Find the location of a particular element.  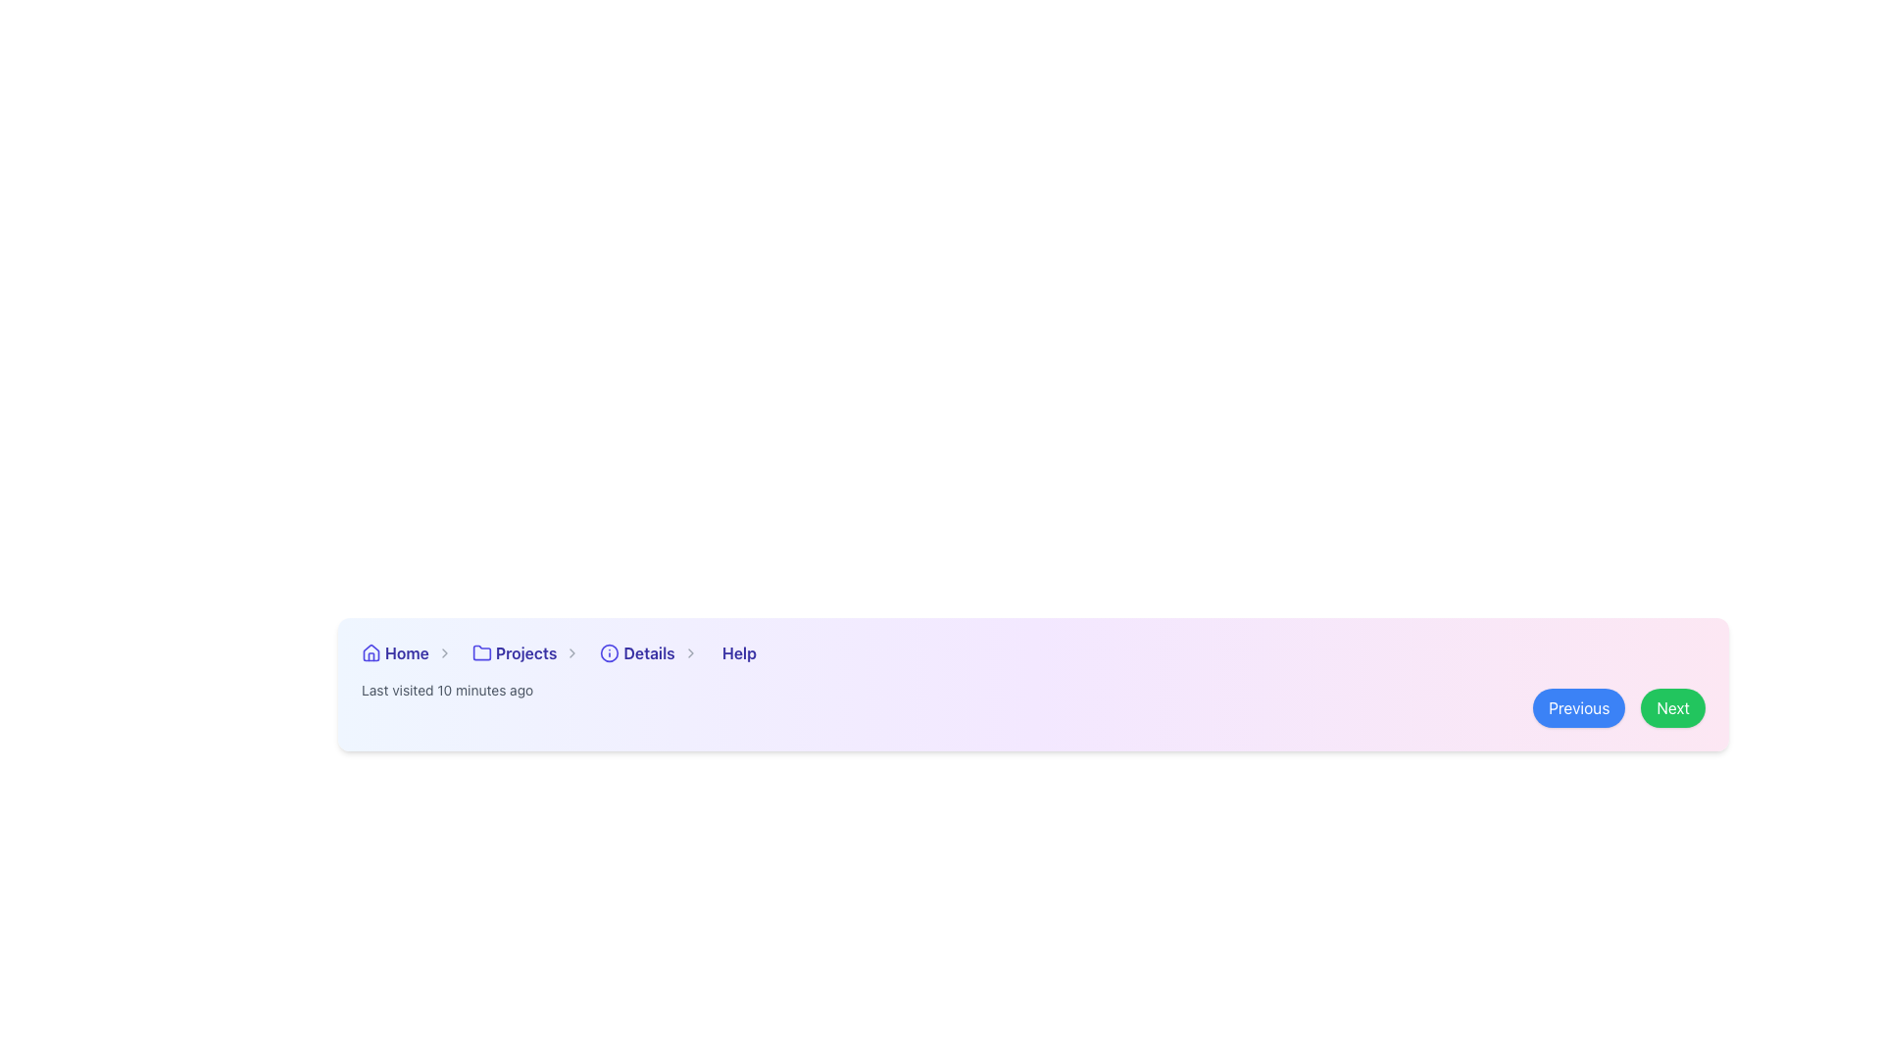

the first item in the breadcrumb navigation bar is located at coordinates (410, 653).